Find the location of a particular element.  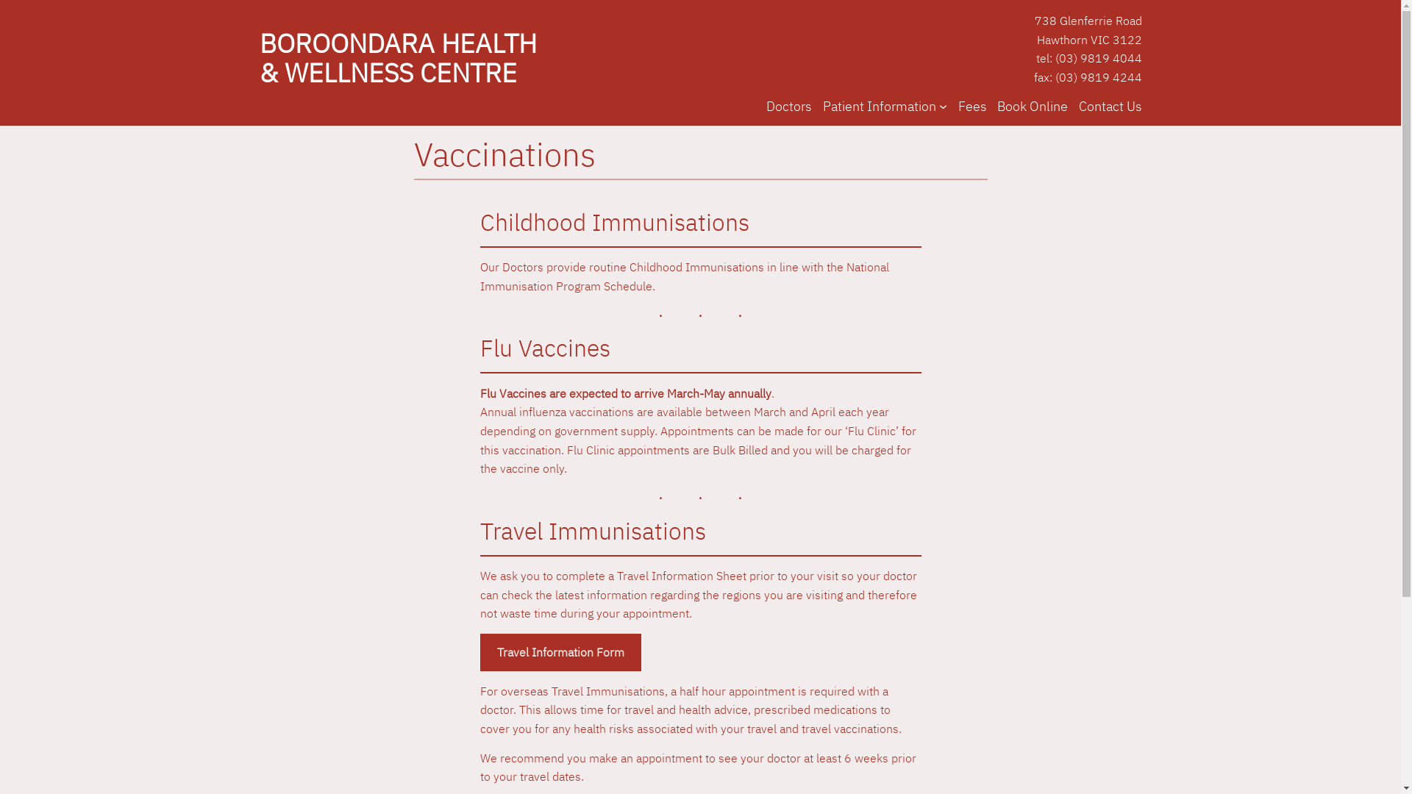

'Book Online' is located at coordinates (1031, 104).